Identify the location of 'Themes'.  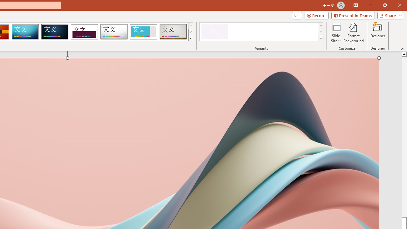
(190, 38).